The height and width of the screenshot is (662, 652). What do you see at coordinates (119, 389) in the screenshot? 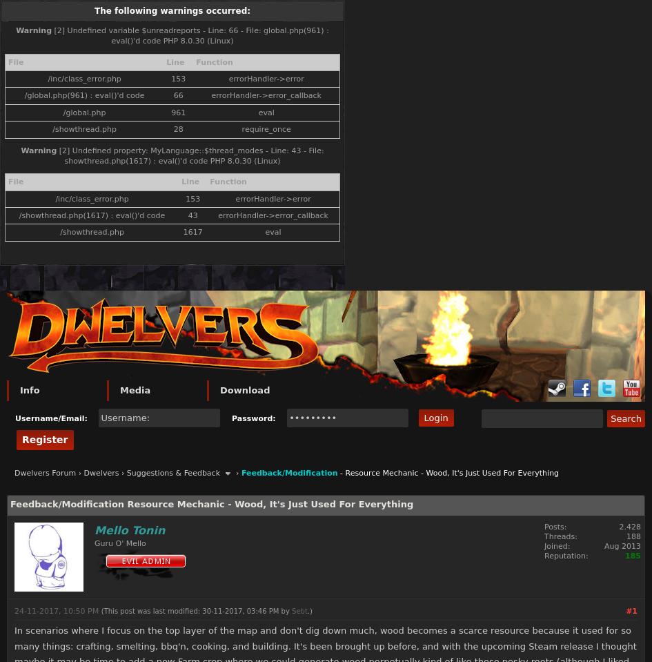
I see `'Media'` at bounding box center [119, 389].